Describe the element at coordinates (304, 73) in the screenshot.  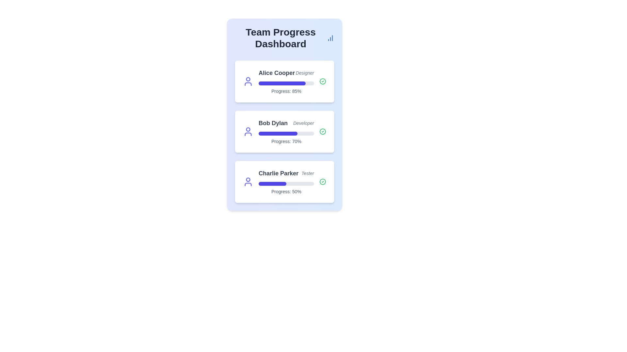
I see `role information from the text label 'Designer', which is a small, gray, italicized descriptor positioned next to 'Alice Cooper'` at that location.